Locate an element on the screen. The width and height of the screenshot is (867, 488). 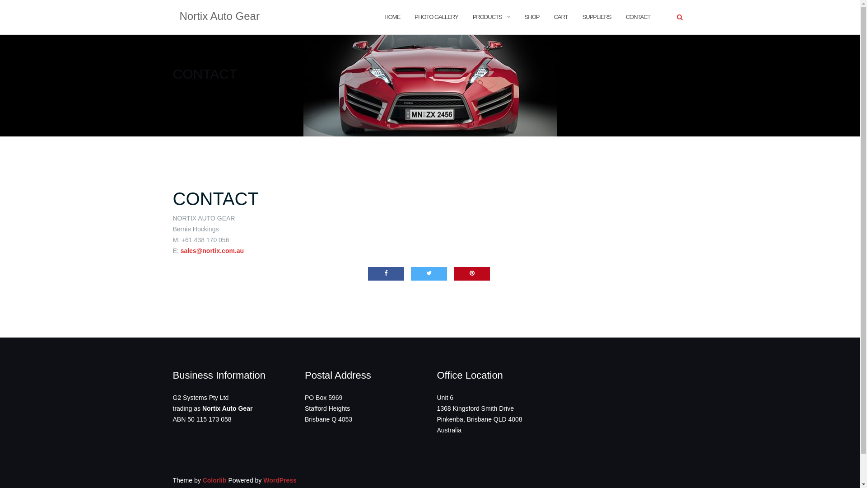
'CART' is located at coordinates (560, 17).